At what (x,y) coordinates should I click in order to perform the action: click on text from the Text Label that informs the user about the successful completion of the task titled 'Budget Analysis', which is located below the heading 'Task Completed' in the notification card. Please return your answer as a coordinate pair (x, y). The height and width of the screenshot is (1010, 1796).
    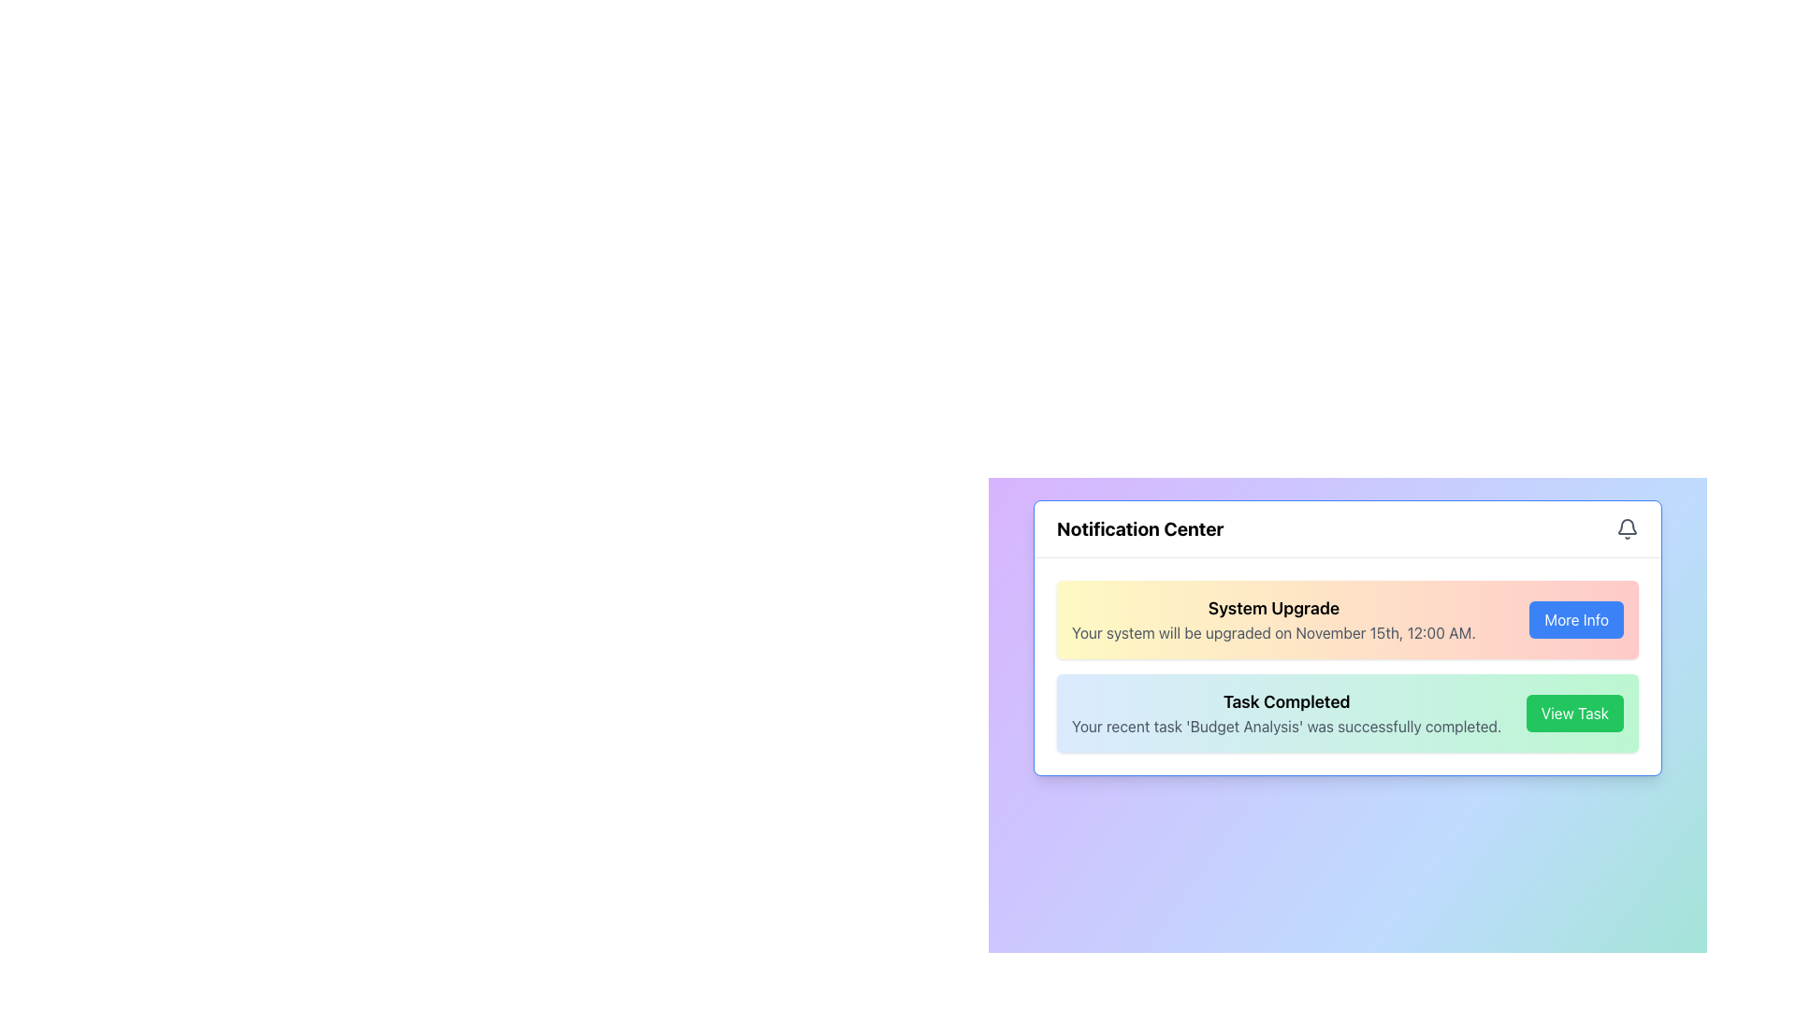
    Looking at the image, I should click on (1285, 725).